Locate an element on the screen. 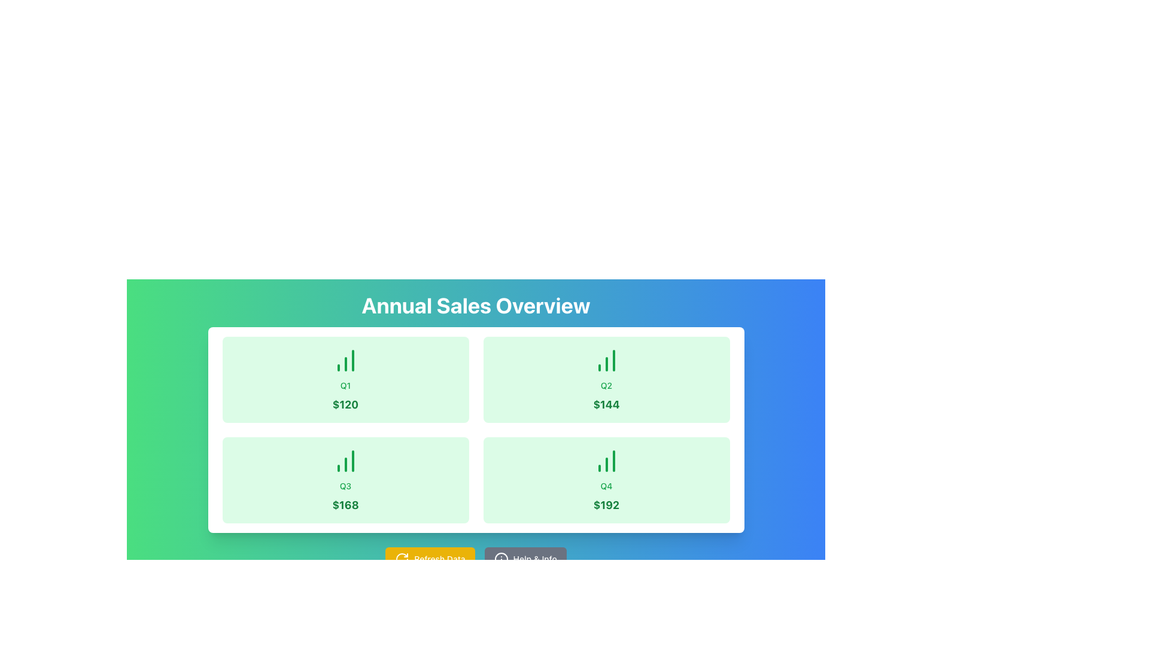 The width and height of the screenshot is (1149, 646). the static text label indicating Q3, which is located in the second card of the lower row, positioned below a chart icon and above the text '$168' is located at coordinates (345, 486).